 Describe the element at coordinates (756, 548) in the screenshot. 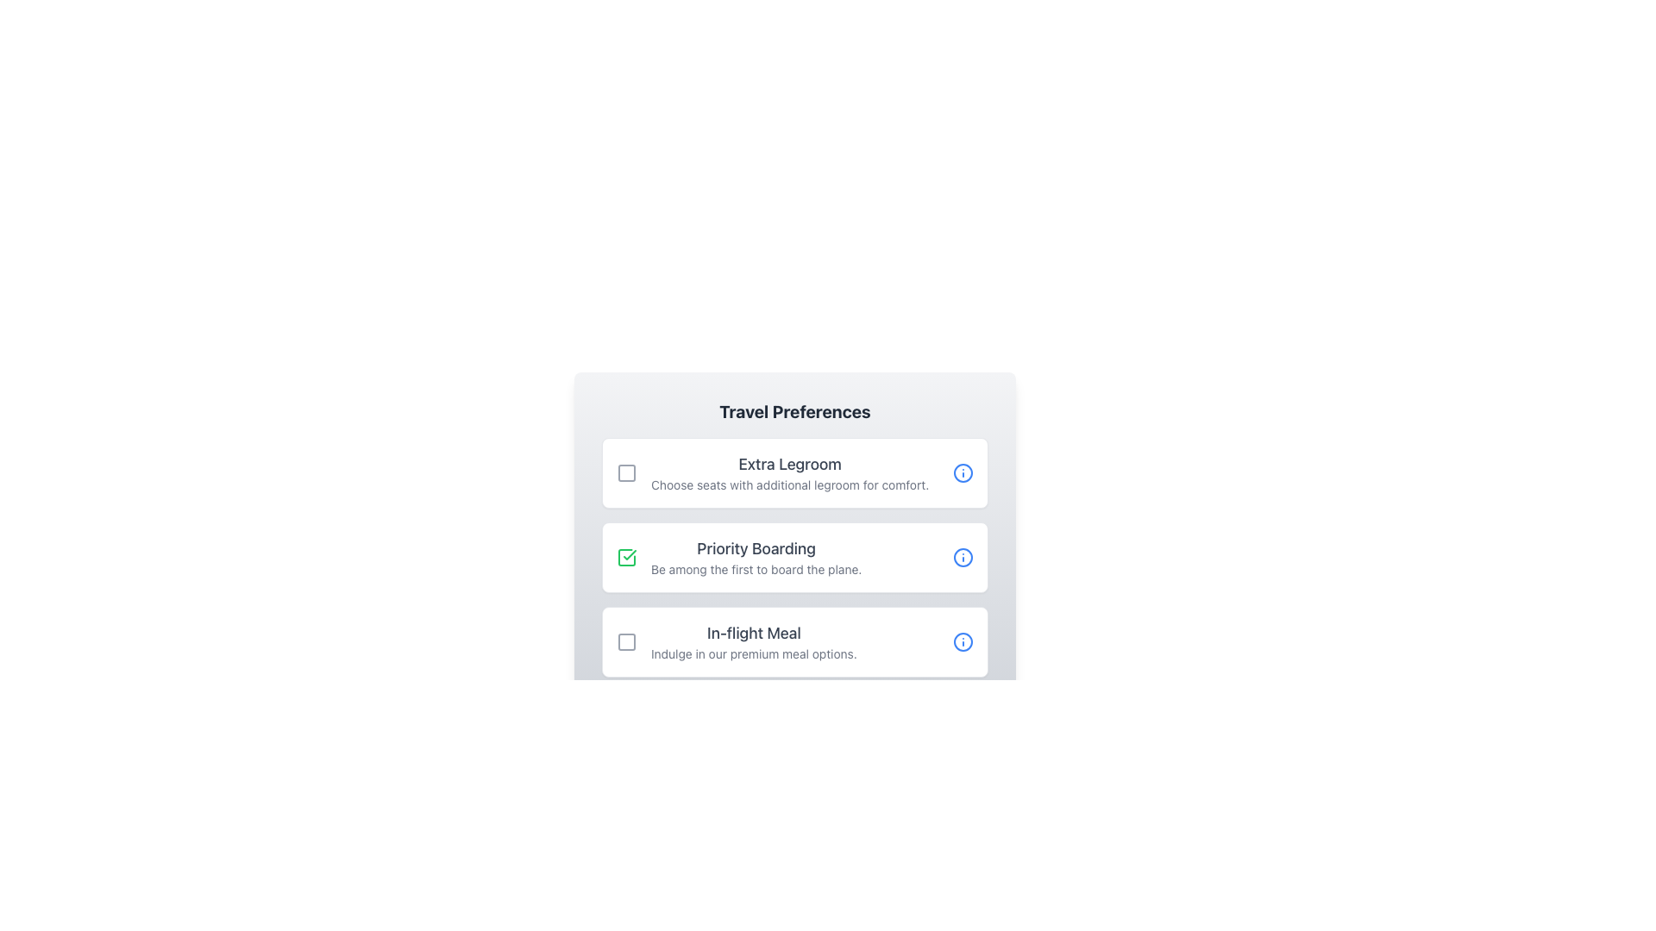

I see `the text element reading 'Priority Boarding' which is centrally positioned in the second option of the travel preferences list` at that location.